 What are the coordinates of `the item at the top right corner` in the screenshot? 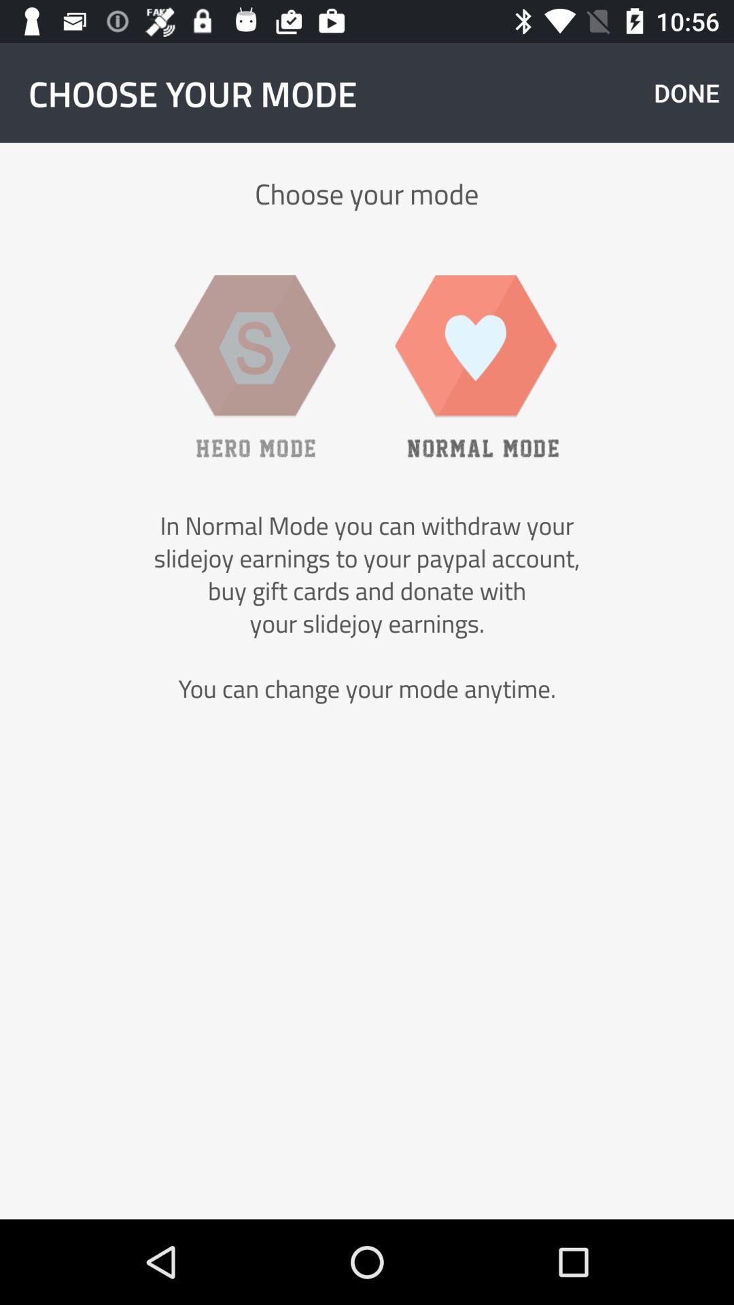 It's located at (686, 92).